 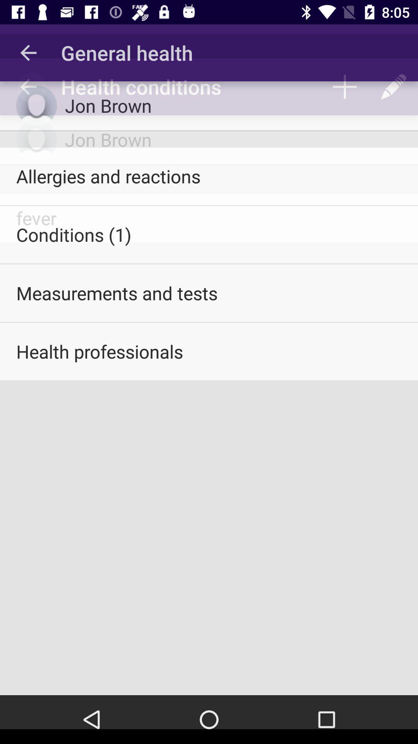 I want to click on measurements and tests item, so click(x=209, y=293).